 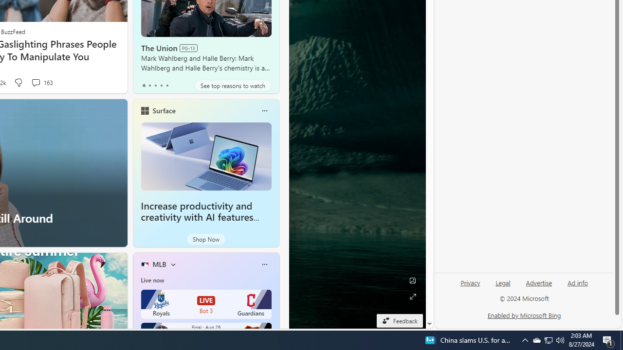 I want to click on 'tab-3', so click(x=161, y=85).